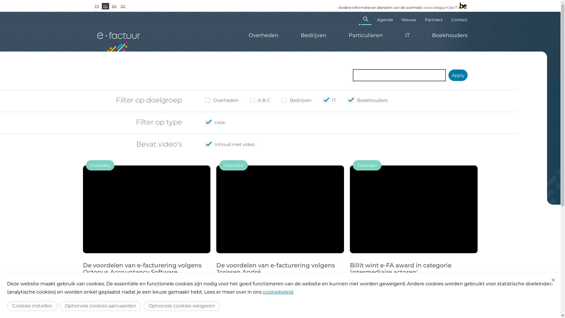 This screenshot has height=318, width=565. I want to click on 'EN', so click(114, 6).